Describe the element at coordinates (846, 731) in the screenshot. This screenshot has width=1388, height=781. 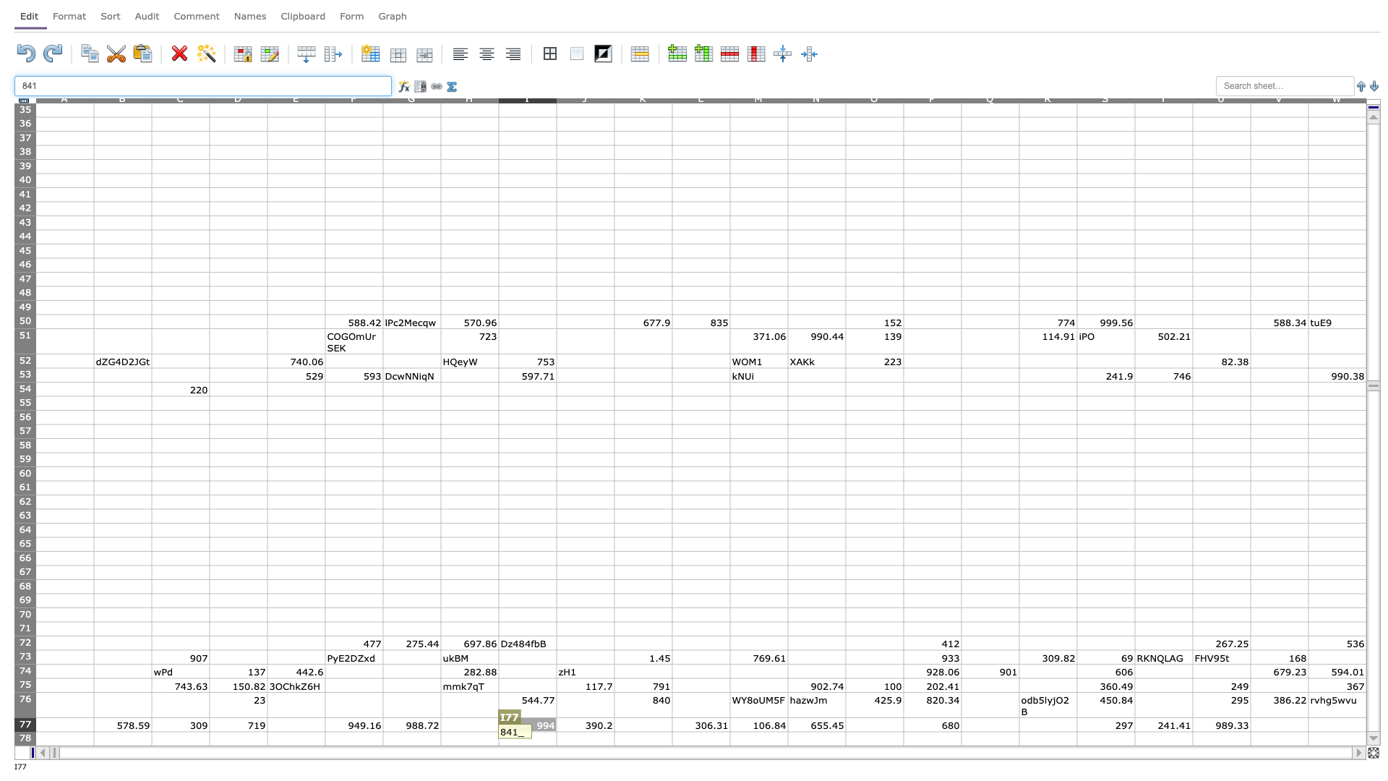
I see `Upper left of O78` at that location.